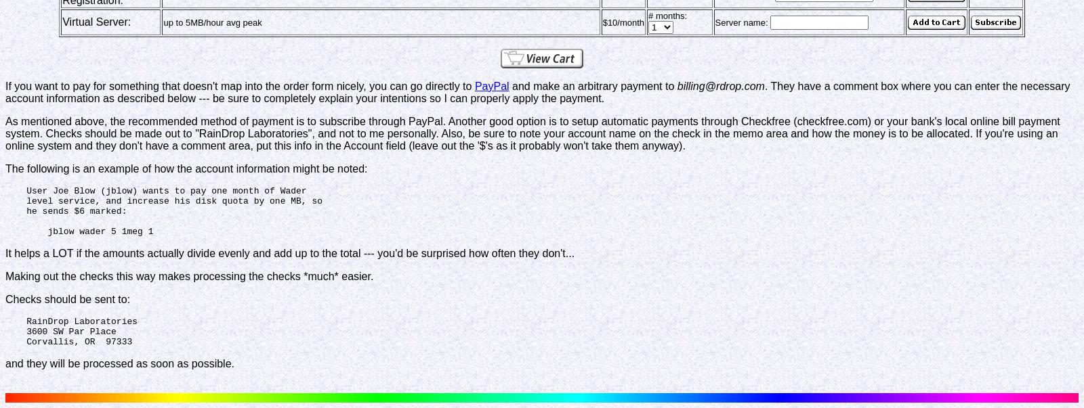 Image resolution: width=1084 pixels, height=408 pixels. Describe the element at coordinates (62, 21) in the screenshot. I see `'Virtual Server:'` at that location.